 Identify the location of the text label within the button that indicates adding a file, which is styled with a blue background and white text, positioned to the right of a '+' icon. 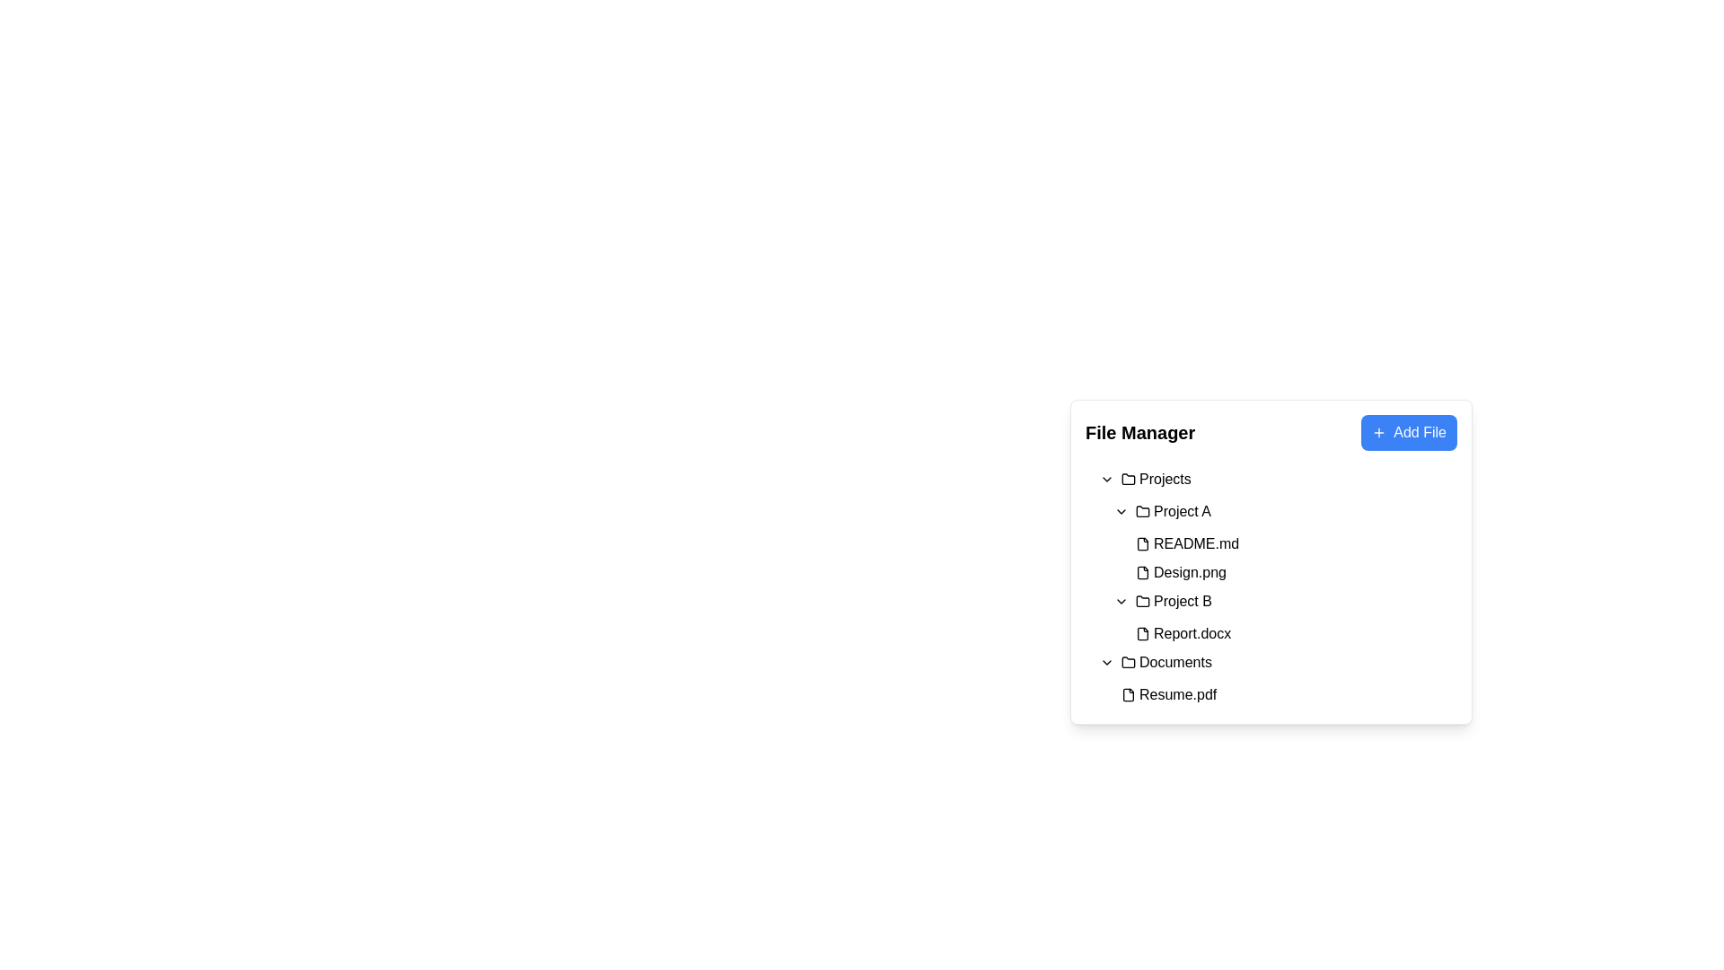
(1419, 433).